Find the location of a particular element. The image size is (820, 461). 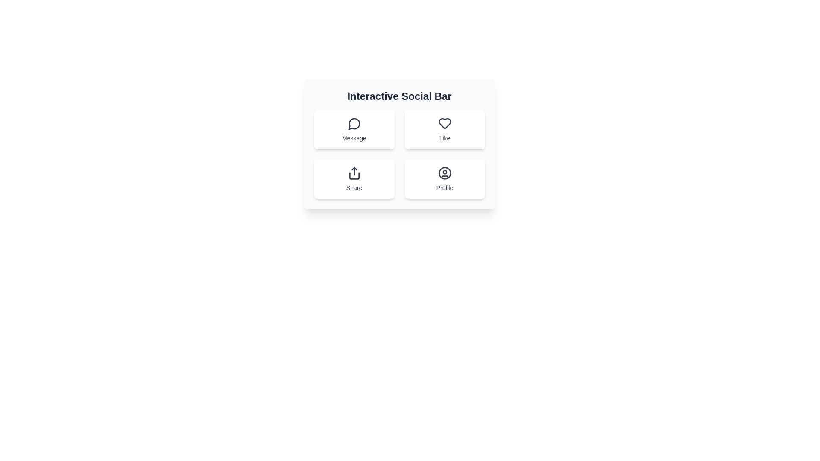

the messaging icon located at the center-top of the 'Message' card, which serves as a visual cue for interaction is located at coordinates (354, 123).